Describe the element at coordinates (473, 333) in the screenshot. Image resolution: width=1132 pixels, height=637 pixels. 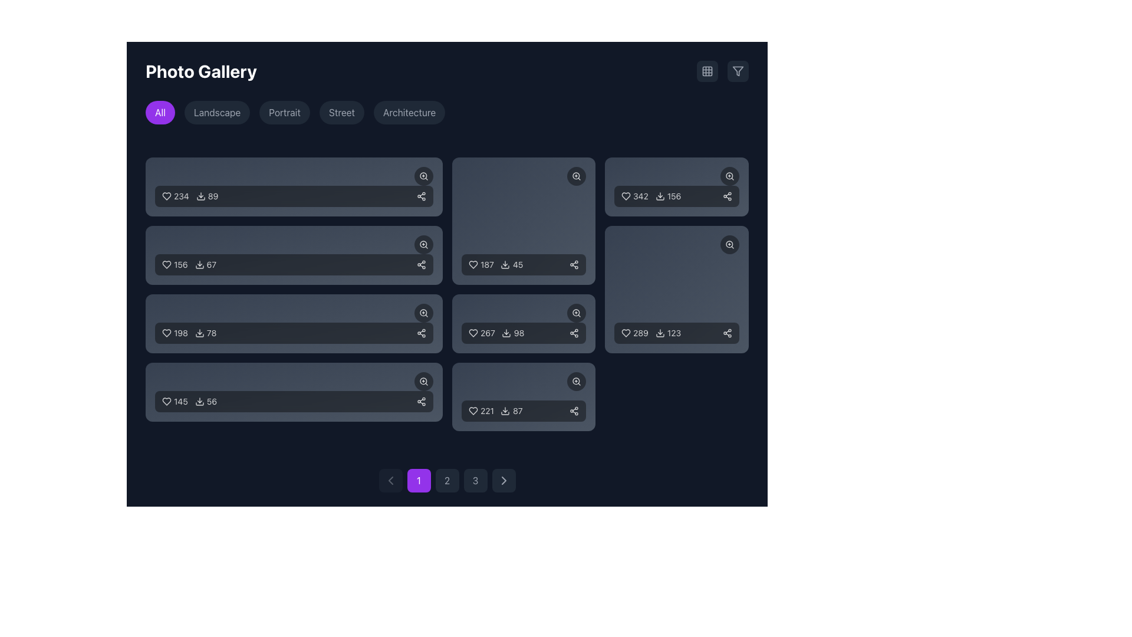
I see `the heart-shaped icon with a simple line outline to indicate liking, located next to the numerical text '267' in the middle-right section of the grid layout` at that location.